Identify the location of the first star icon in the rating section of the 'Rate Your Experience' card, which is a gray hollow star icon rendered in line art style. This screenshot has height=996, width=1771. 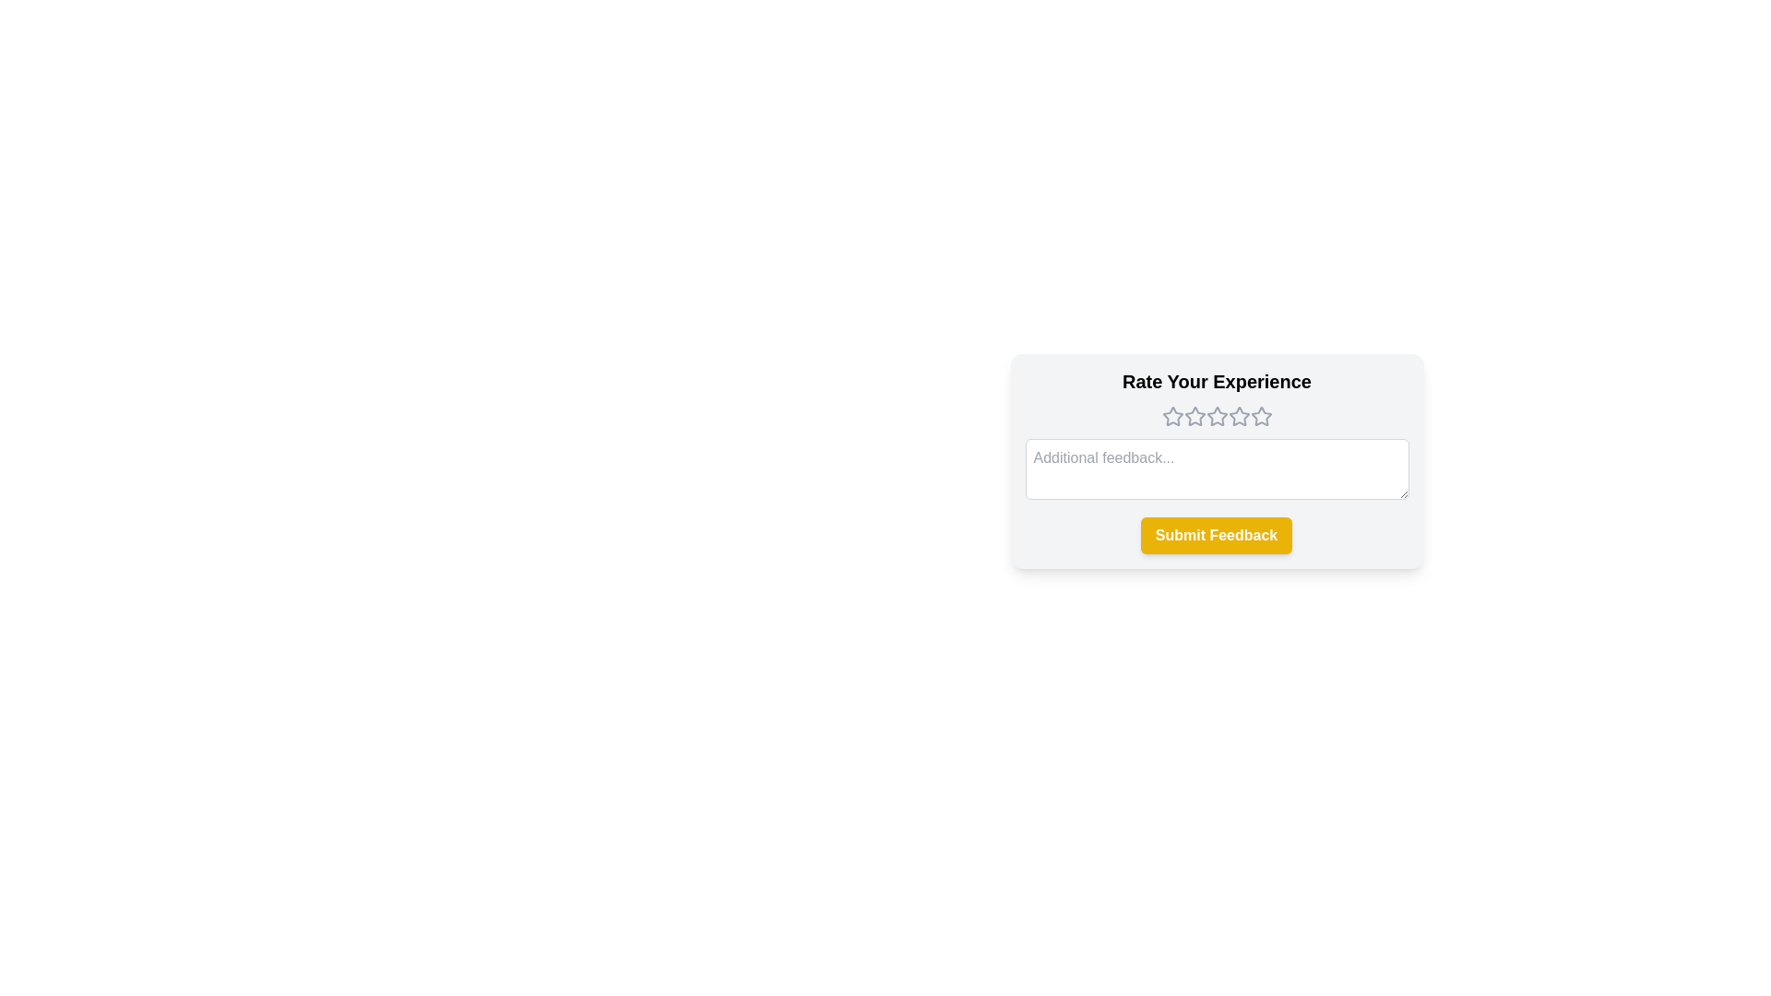
(1171, 416).